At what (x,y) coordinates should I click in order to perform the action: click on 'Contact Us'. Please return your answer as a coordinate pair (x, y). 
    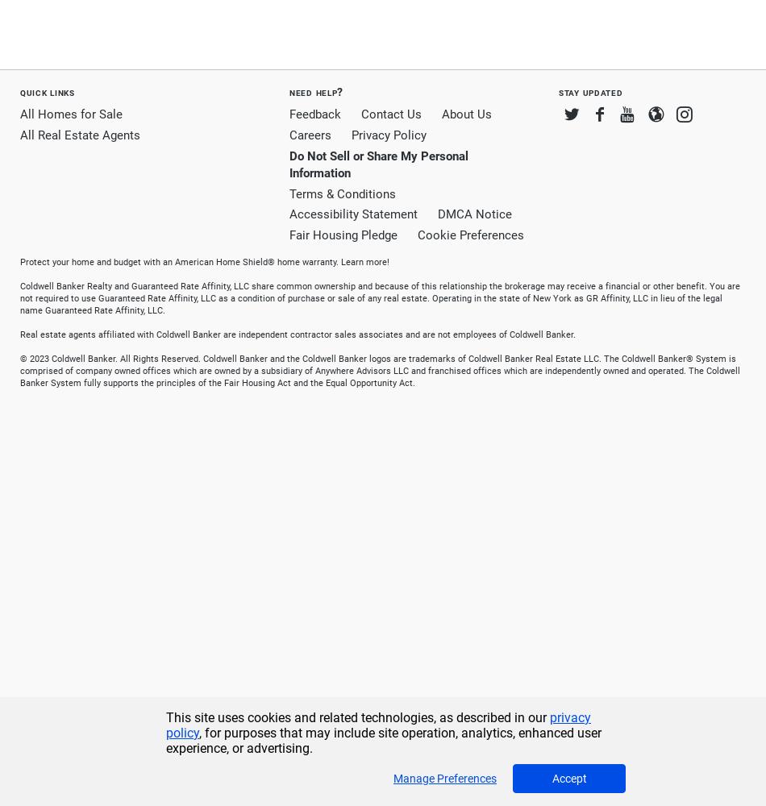
    Looking at the image, I should click on (391, 114).